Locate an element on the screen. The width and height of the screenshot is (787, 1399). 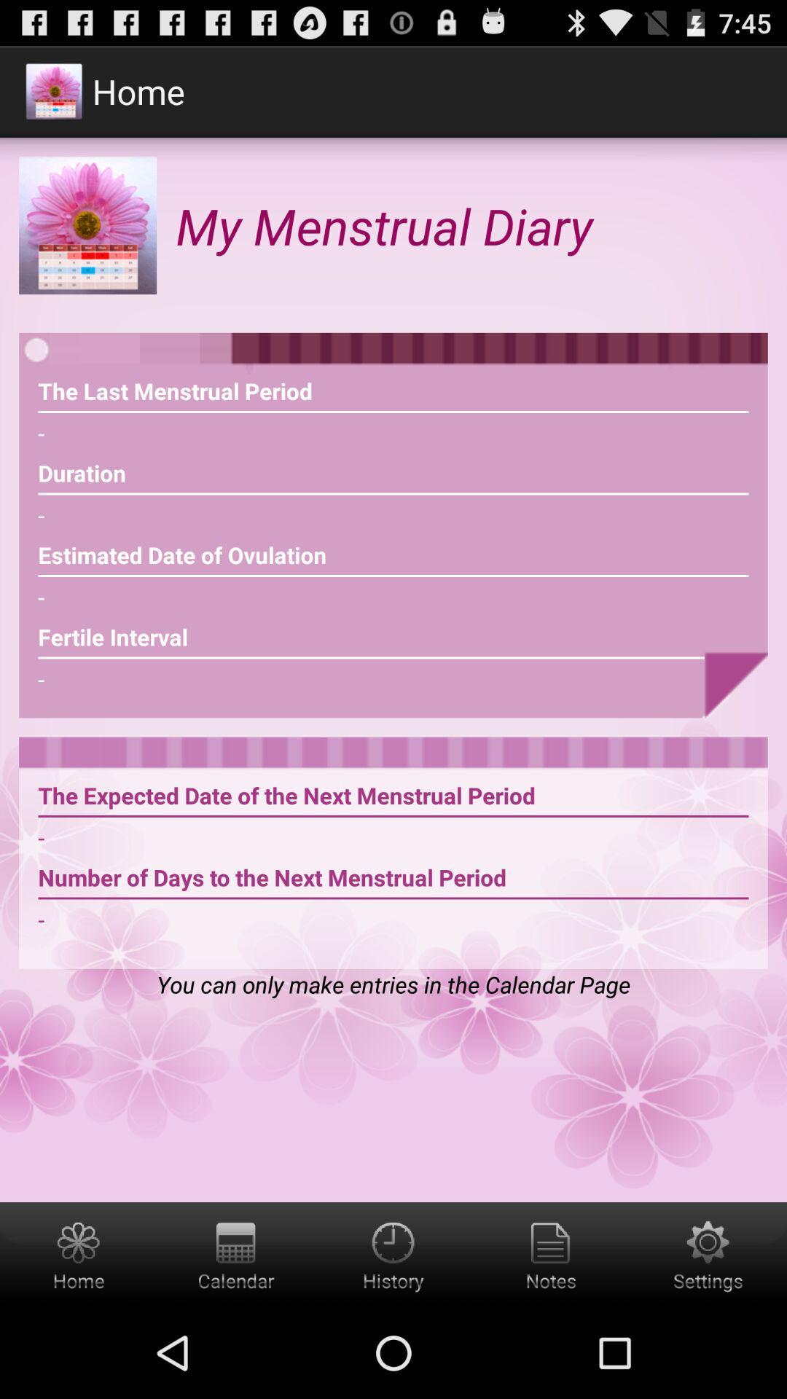
setting is located at coordinates (708, 1254).